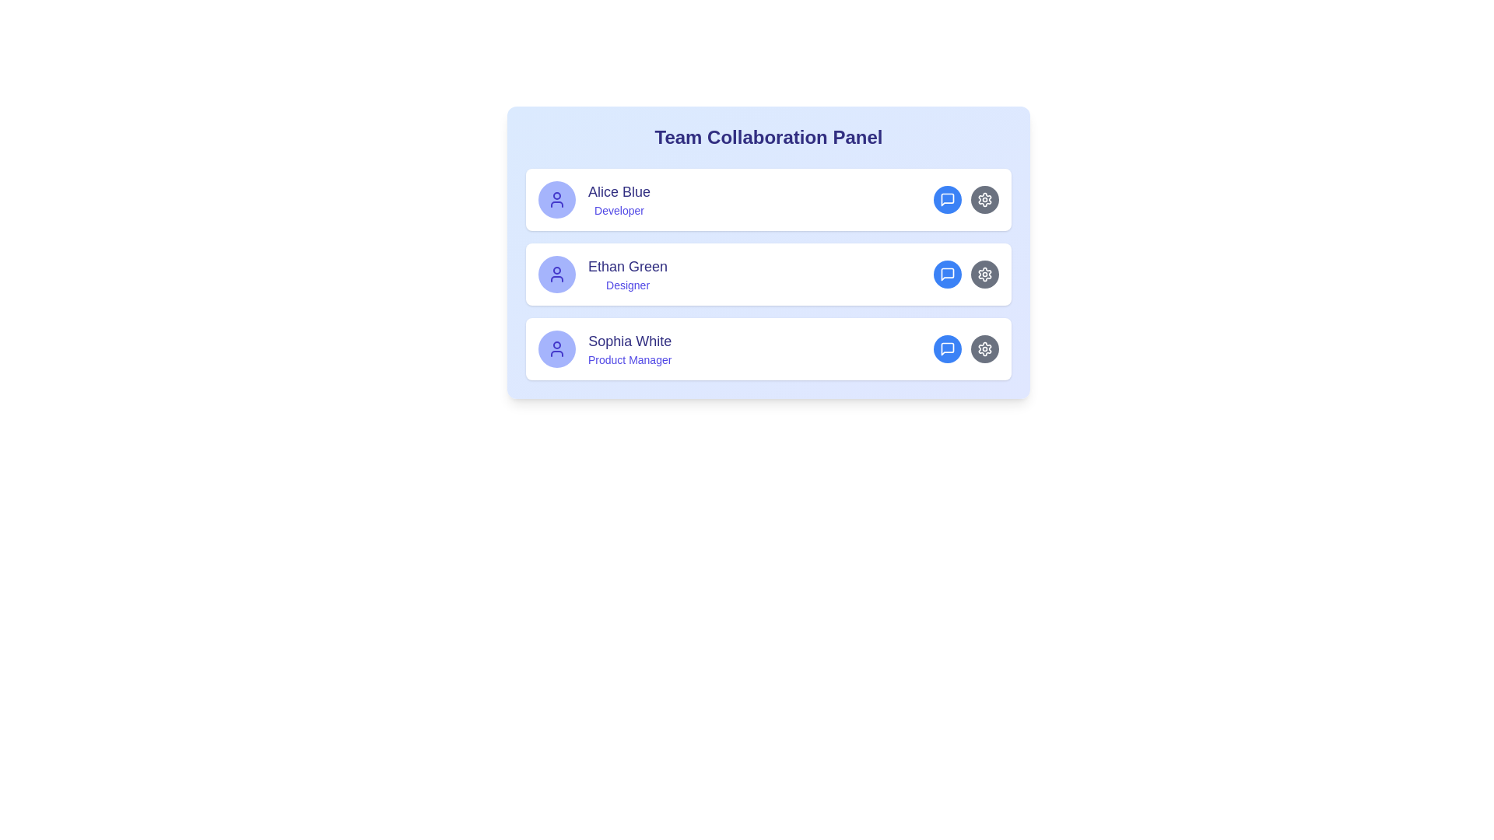 This screenshot has width=1494, height=840. Describe the element at coordinates (984, 274) in the screenshot. I see `the settings button (cogwheel) for the team member 'Ethan Green' located in the second row of the team member list` at that location.